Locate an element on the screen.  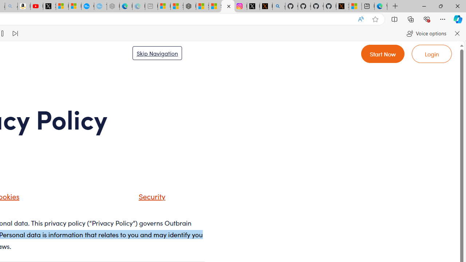
'The most popular Google ' is located at coordinates (100, 6).